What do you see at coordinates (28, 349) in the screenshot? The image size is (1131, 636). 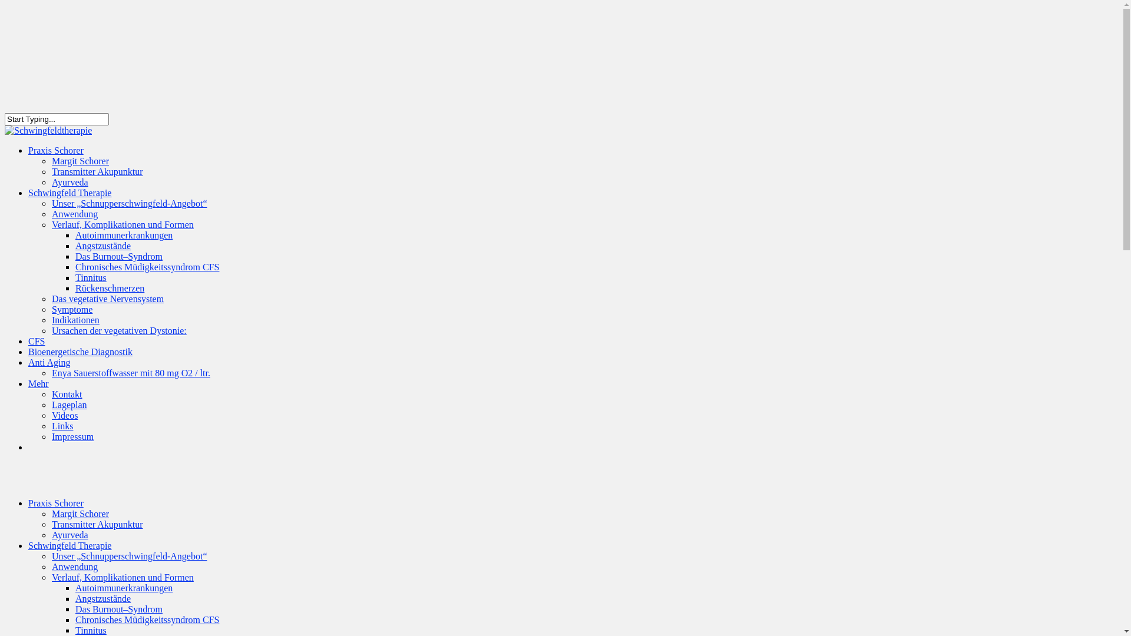 I see `'CFS'` at bounding box center [28, 349].